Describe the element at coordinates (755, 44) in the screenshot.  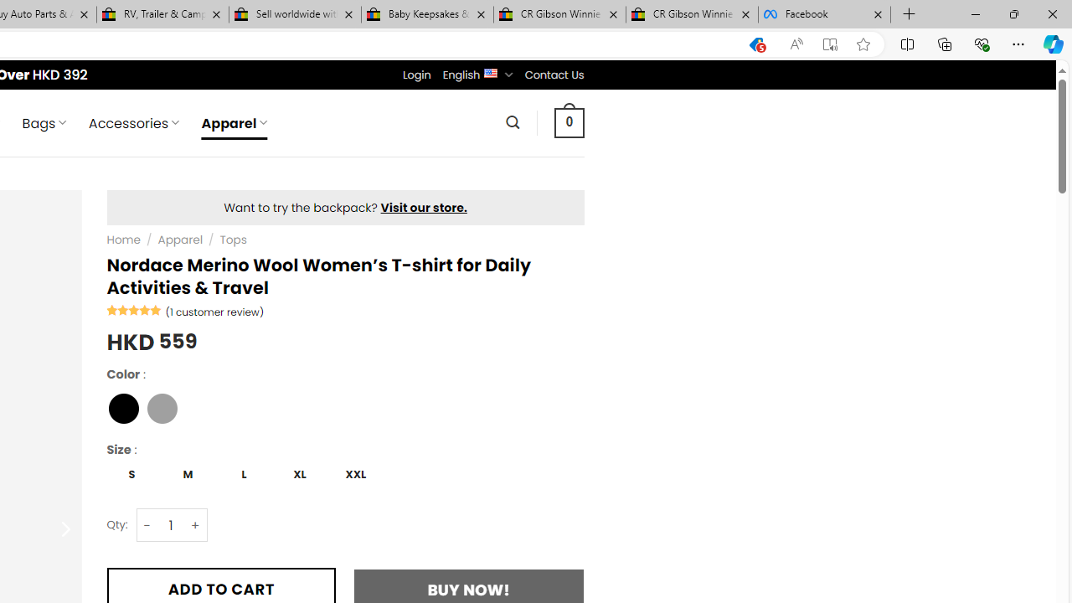
I see `'This site has coupons! Shopping in Microsoft Edge, 5'` at that location.